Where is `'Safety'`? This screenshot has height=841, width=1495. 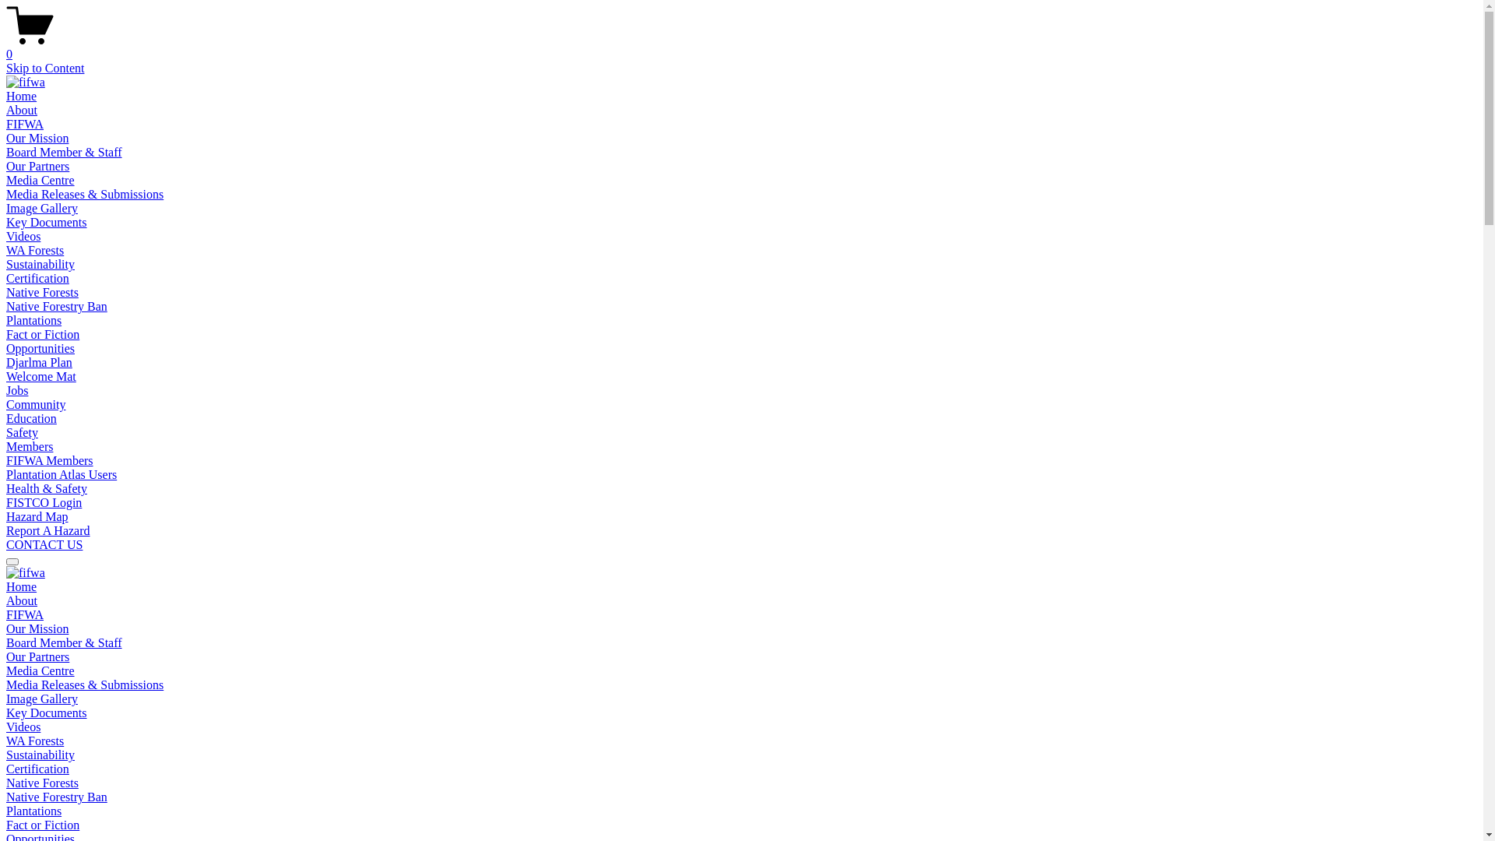
'Safety' is located at coordinates (22, 432).